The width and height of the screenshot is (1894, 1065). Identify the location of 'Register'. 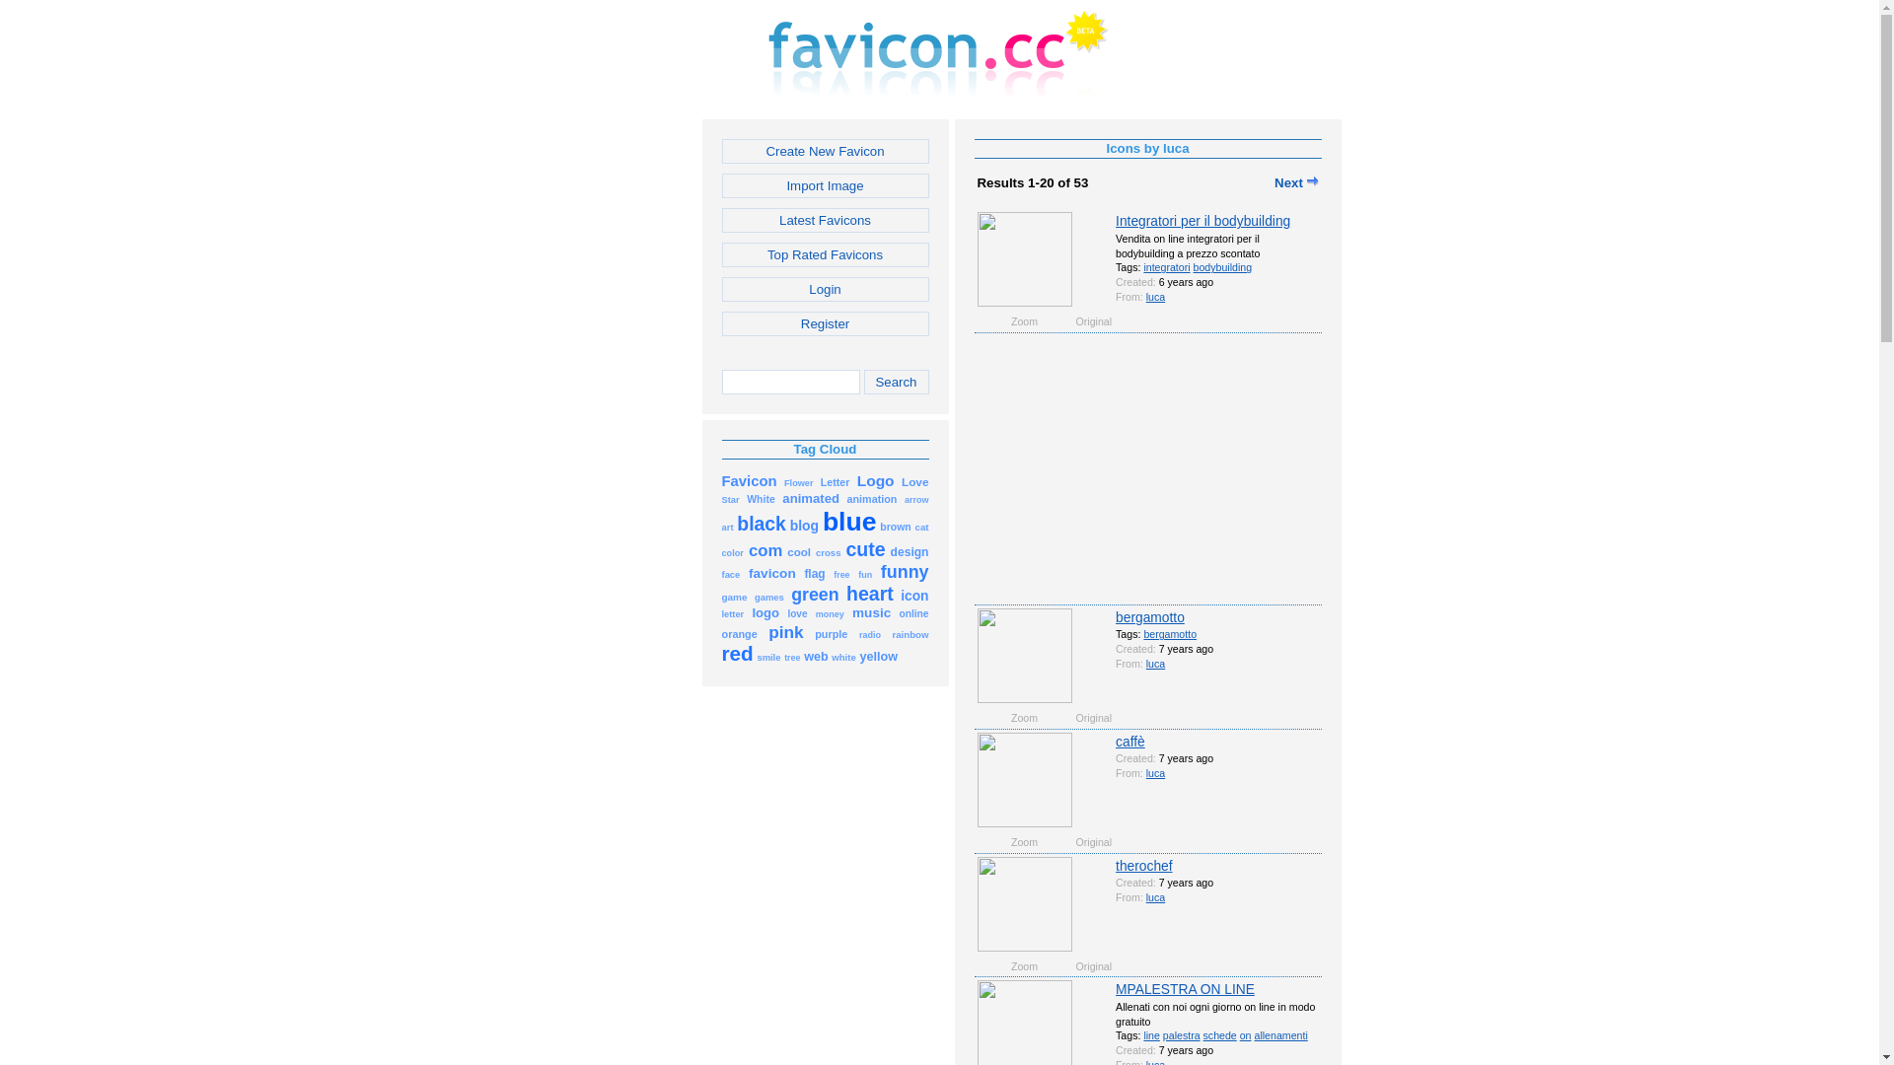
(825, 322).